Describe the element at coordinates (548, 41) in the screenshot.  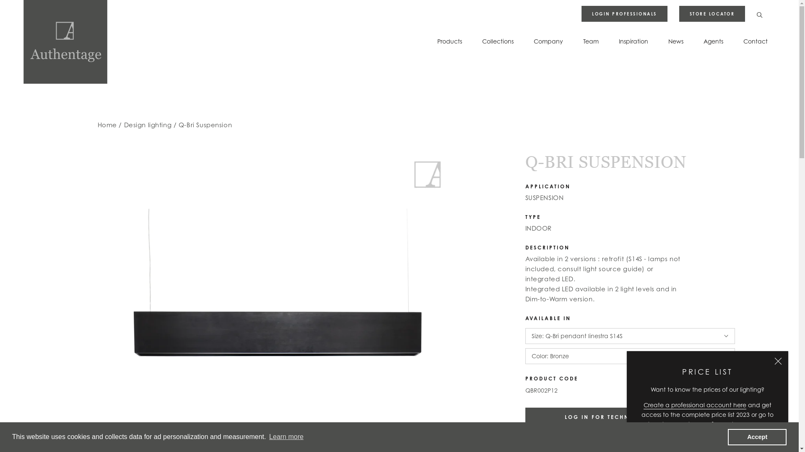
I see `'Company` at that location.